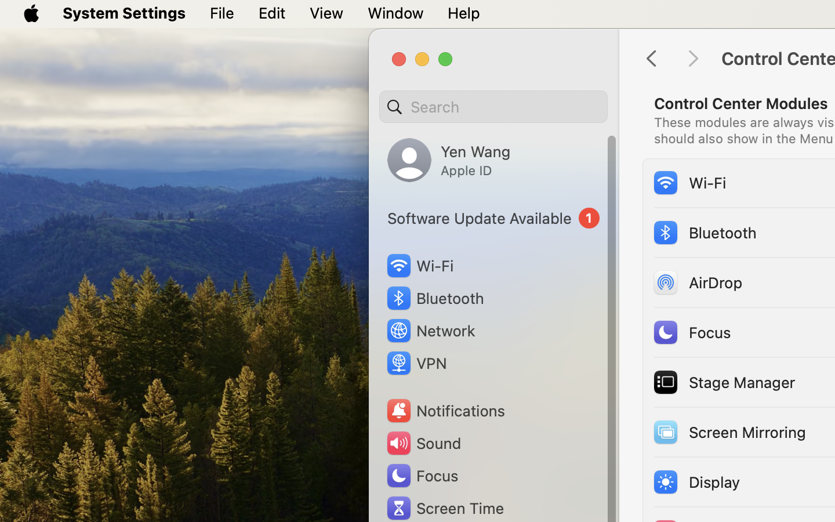 The height and width of the screenshot is (522, 835). Describe the element at coordinates (728, 431) in the screenshot. I see `'Screen Mirroring'` at that location.